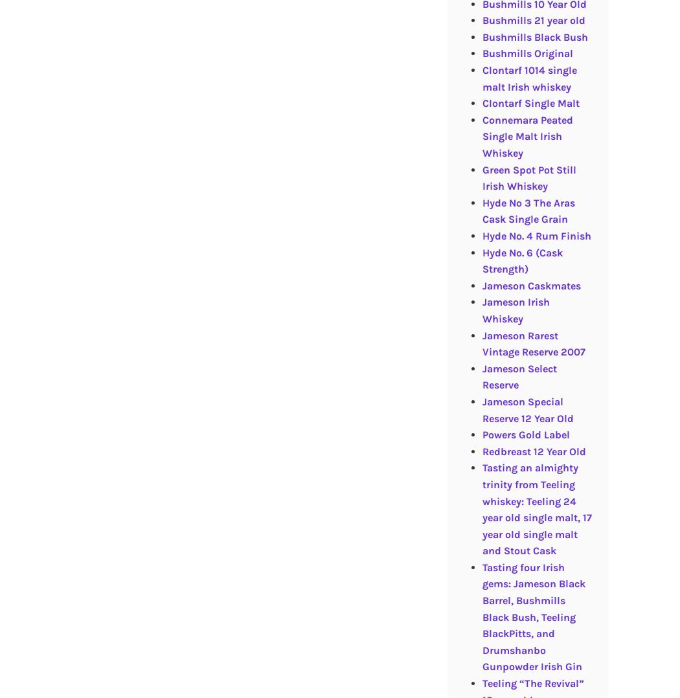  What do you see at coordinates (533, 450) in the screenshot?
I see `'Redbreast 12 Year Old'` at bounding box center [533, 450].